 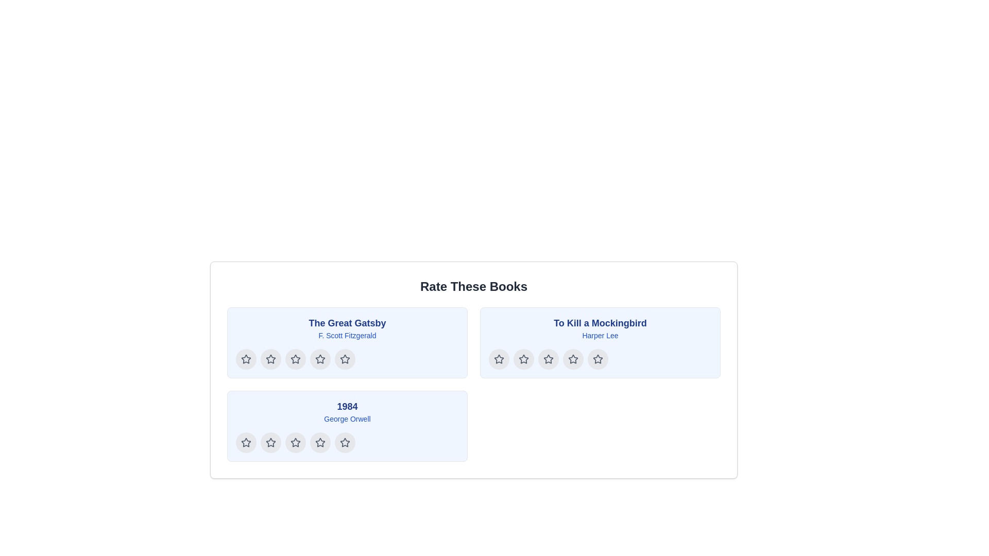 I want to click on the second star-shaped rating icon under the book 'To Kill a Mockingbird', so click(x=523, y=358).